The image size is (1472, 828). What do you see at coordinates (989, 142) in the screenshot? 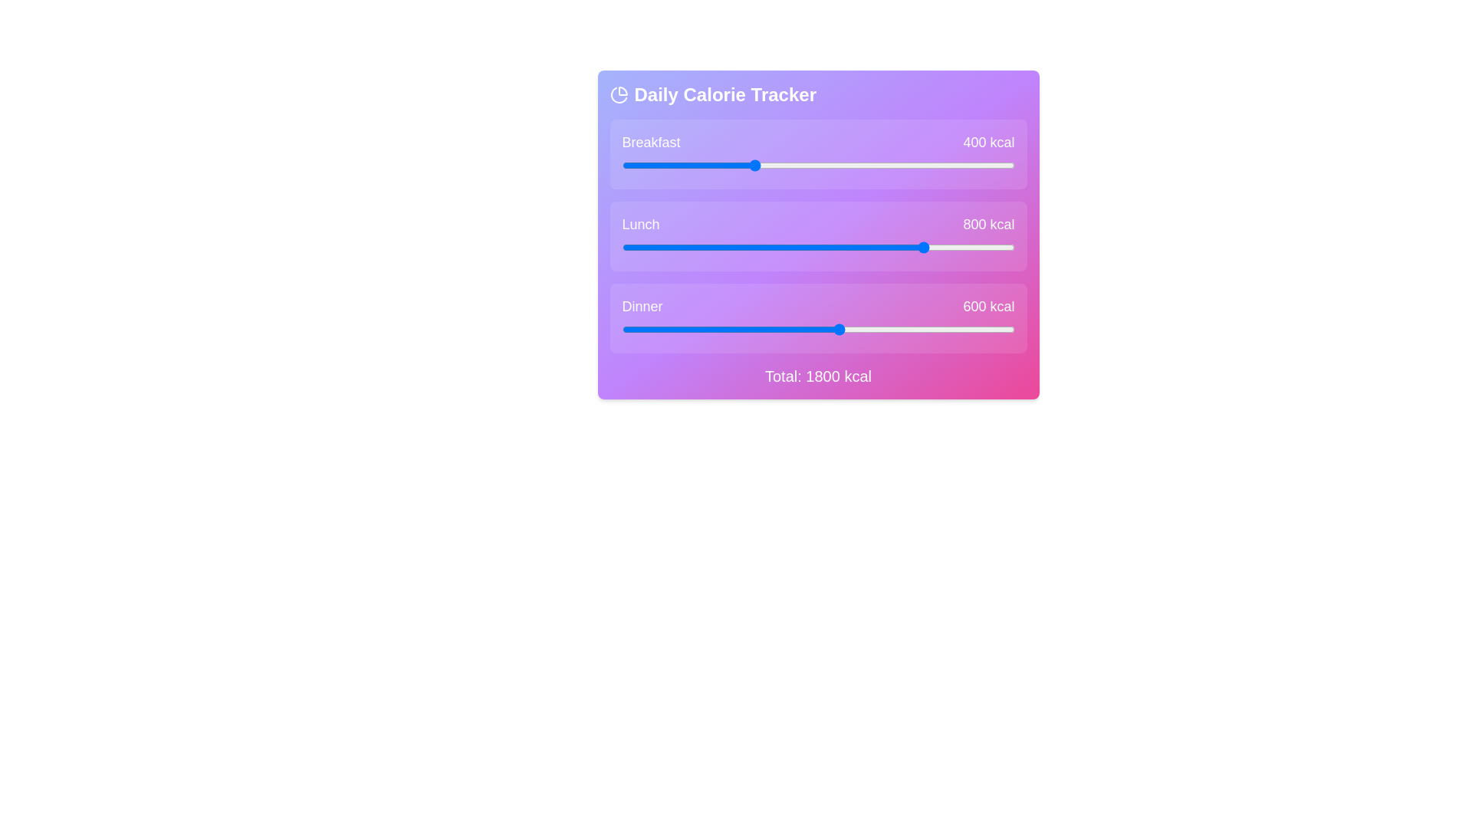
I see `the content of the Text Label displaying '400 kcal' in bold white font, positioned to the right of the 'Breakfast' label and above the progress bar` at bounding box center [989, 142].